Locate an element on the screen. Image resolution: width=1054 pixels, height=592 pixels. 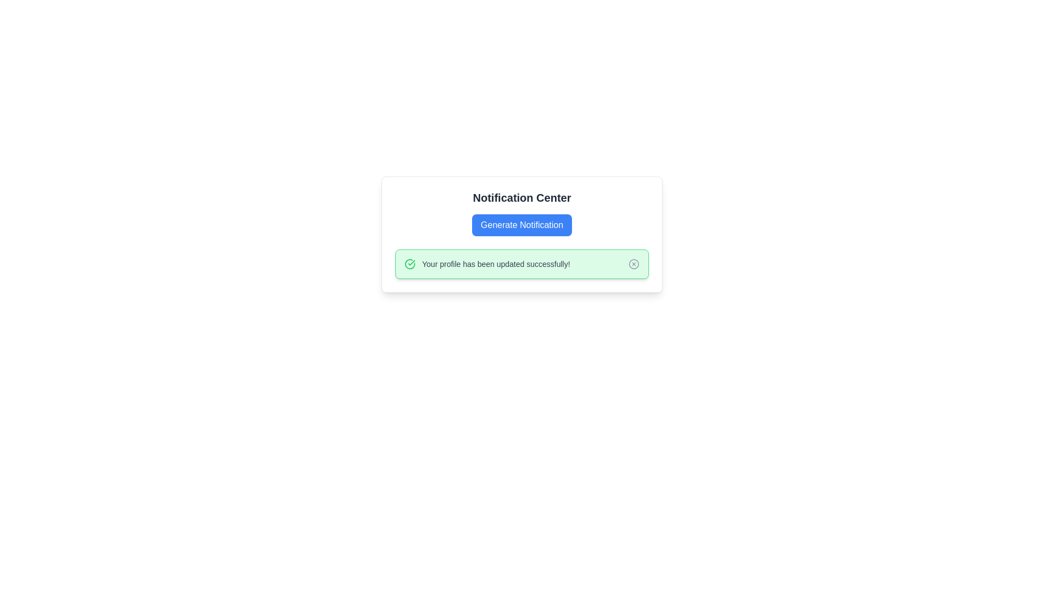
the green circular checkmark icon that indicates a successful profile update notification is located at coordinates (410, 264).